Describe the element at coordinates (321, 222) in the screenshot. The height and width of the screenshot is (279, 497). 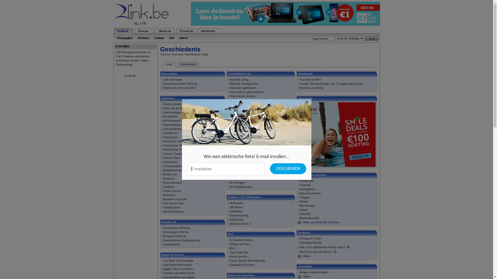
I see `'Meer gerelateerde dochters'` at that location.